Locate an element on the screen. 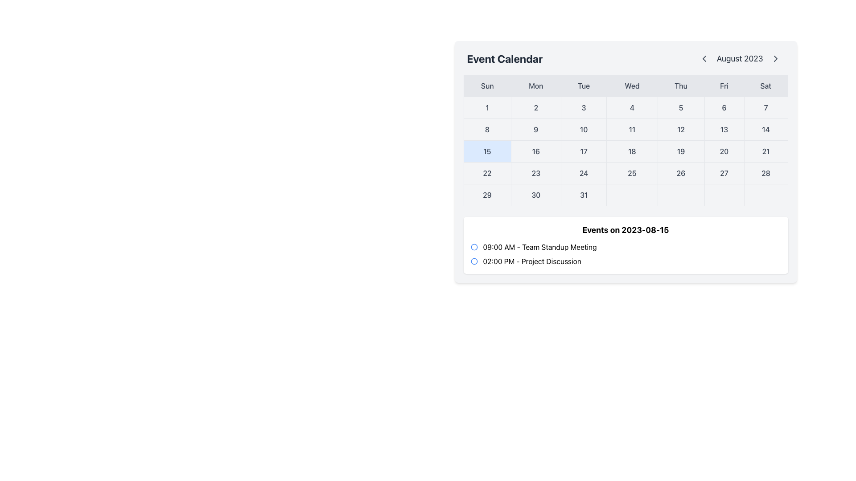  the Text Label marking Sunday, which is the first item in the row of day abbreviations in the calendar interface is located at coordinates (487, 86).